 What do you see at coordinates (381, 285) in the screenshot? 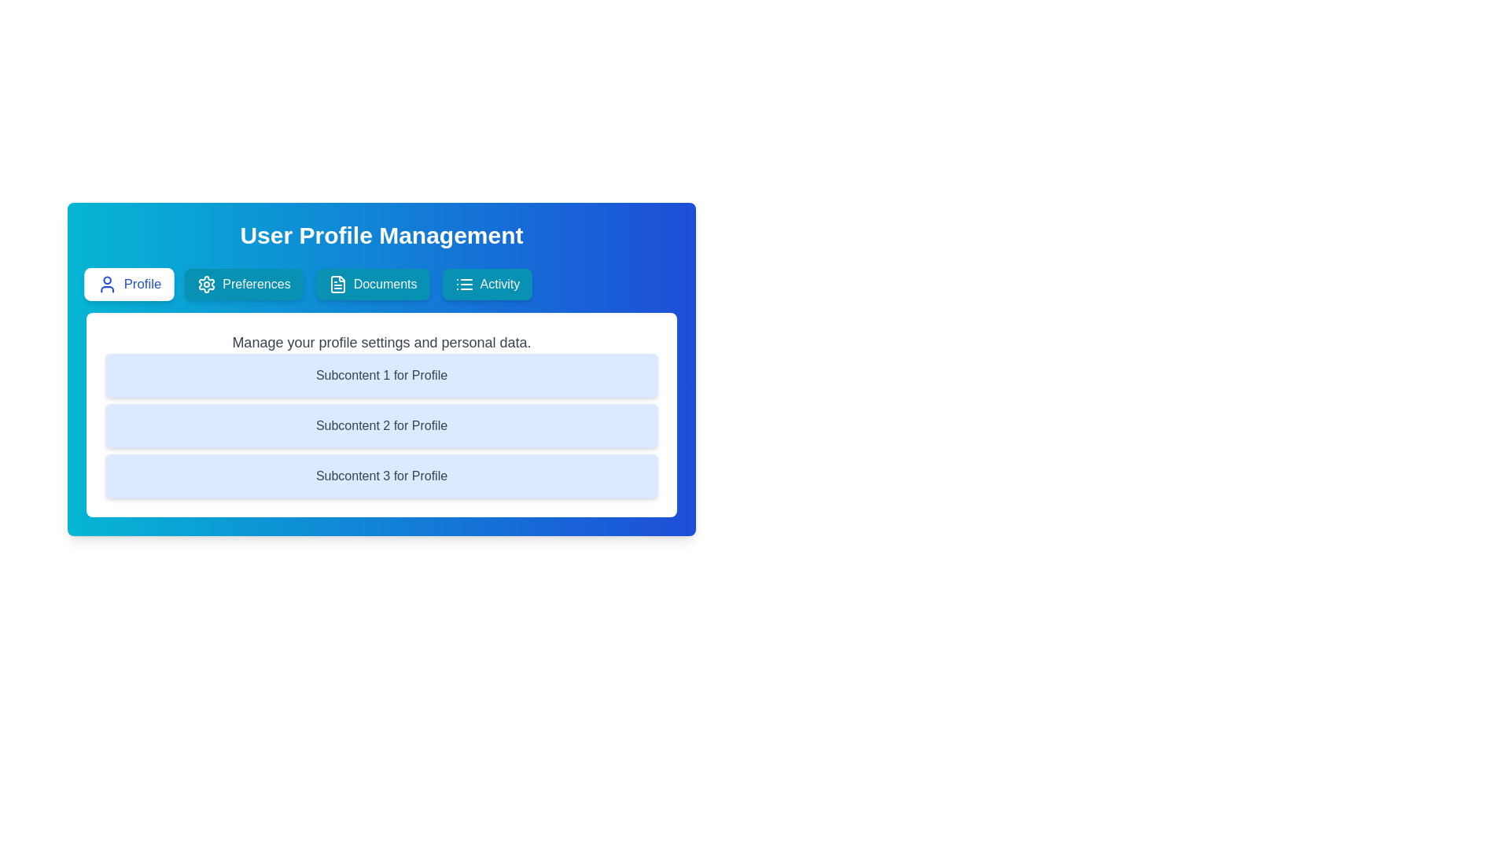
I see `the 'Documents' tab in the navigation bar` at bounding box center [381, 285].